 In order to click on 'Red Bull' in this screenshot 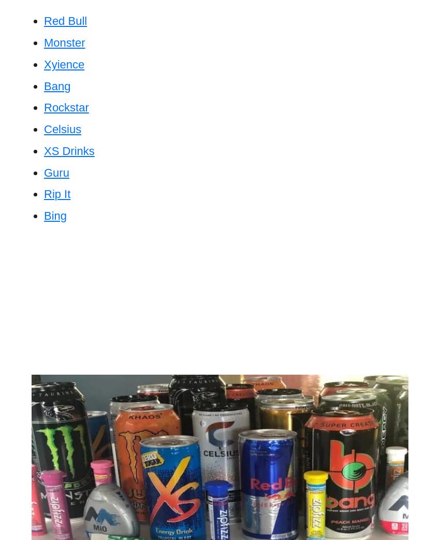, I will do `click(65, 20)`.